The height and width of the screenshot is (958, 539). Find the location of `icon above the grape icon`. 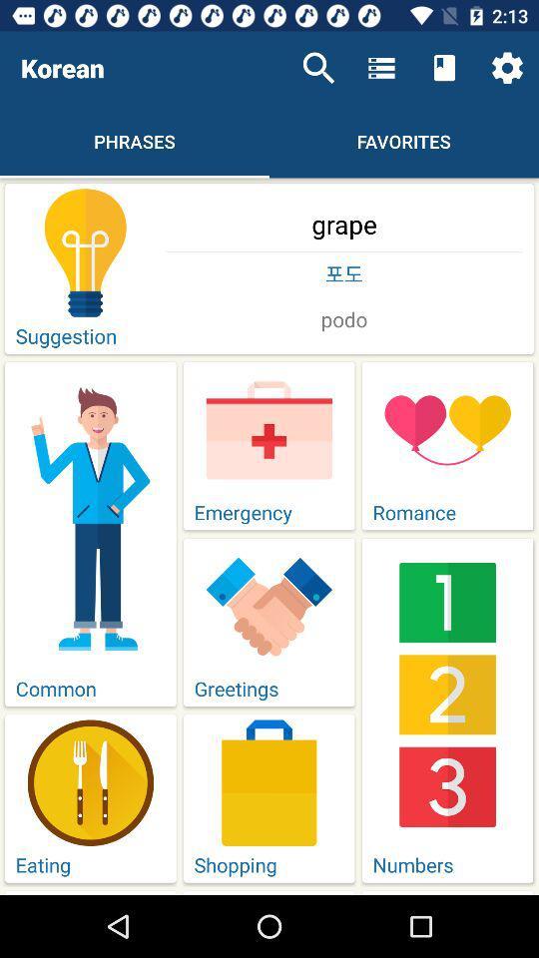

icon above the grape icon is located at coordinates (318, 68).